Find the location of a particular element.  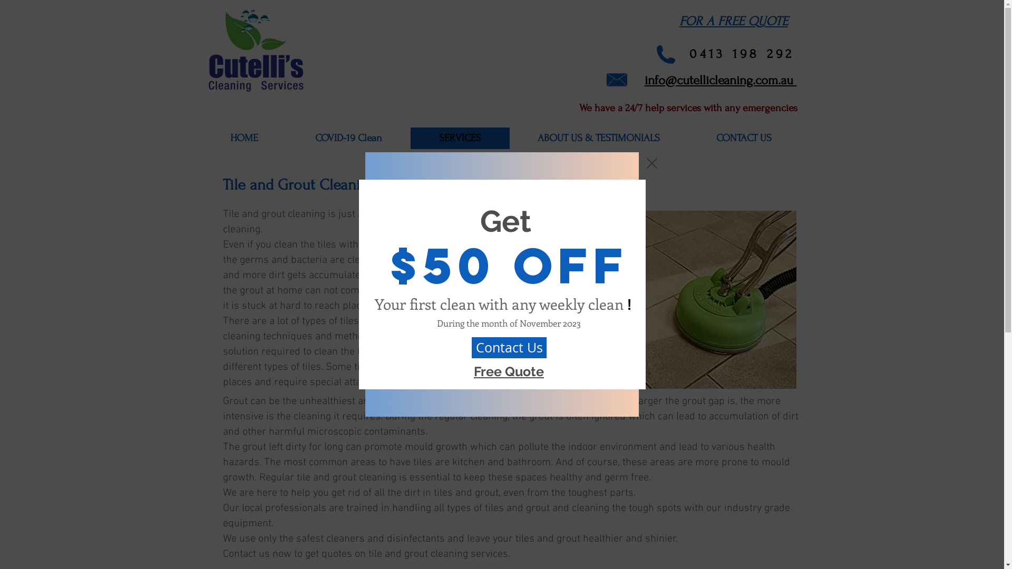

'ABOUT US & TESTIMONIALS' is located at coordinates (598, 138).